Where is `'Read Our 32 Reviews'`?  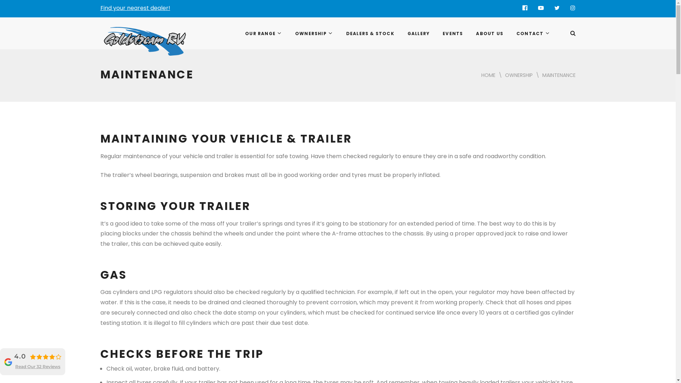
'Read Our 32 Reviews' is located at coordinates (15, 366).